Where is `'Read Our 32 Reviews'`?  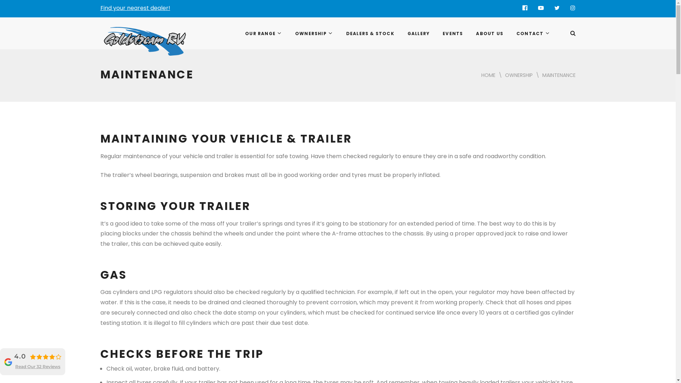
'Read Our 32 Reviews' is located at coordinates (15, 366).